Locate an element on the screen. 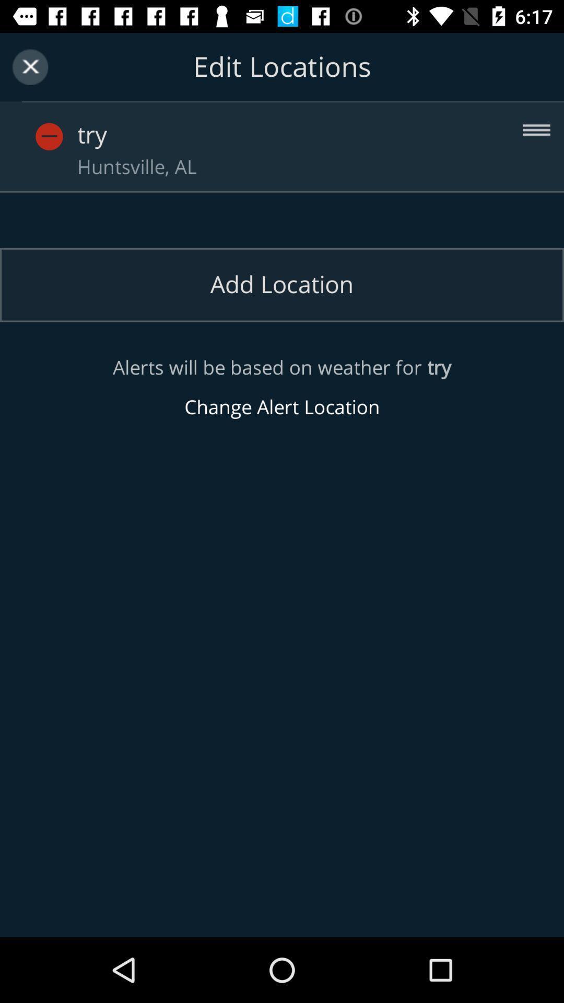 The height and width of the screenshot is (1003, 564). alerts will be icon is located at coordinates (282, 387).